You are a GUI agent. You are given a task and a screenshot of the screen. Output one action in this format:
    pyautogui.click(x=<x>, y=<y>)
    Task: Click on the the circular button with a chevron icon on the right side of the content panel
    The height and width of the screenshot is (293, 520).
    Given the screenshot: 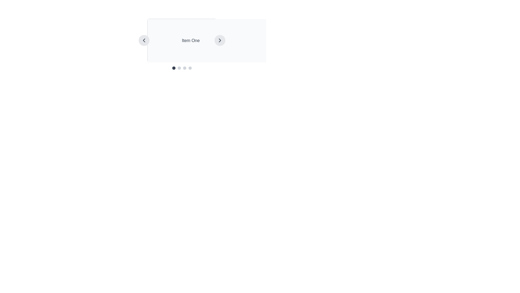 What is the action you would take?
    pyautogui.click(x=220, y=40)
    